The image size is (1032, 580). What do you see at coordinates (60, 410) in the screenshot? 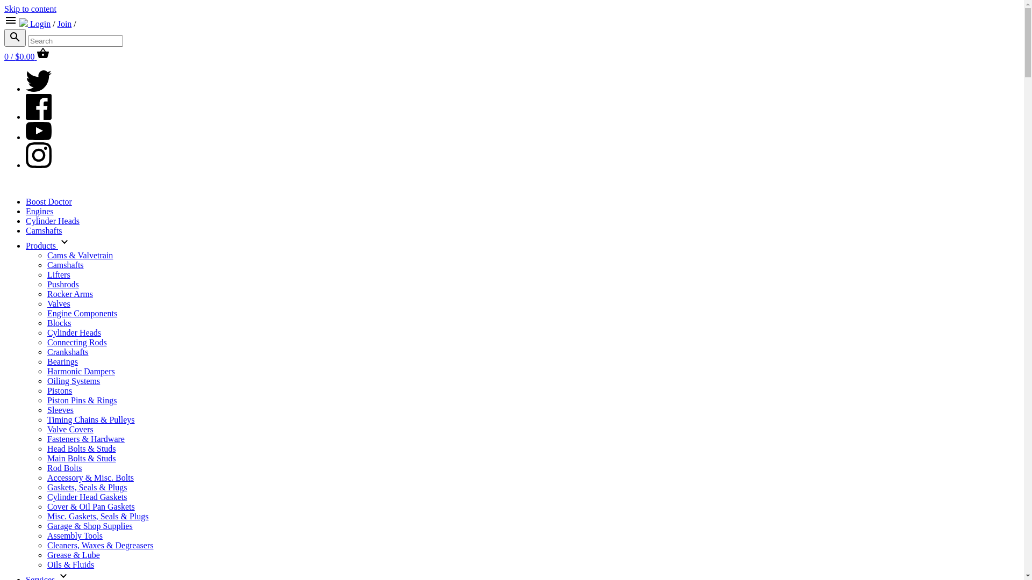
I see `'Sleeves'` at bounding box center [60, 410].